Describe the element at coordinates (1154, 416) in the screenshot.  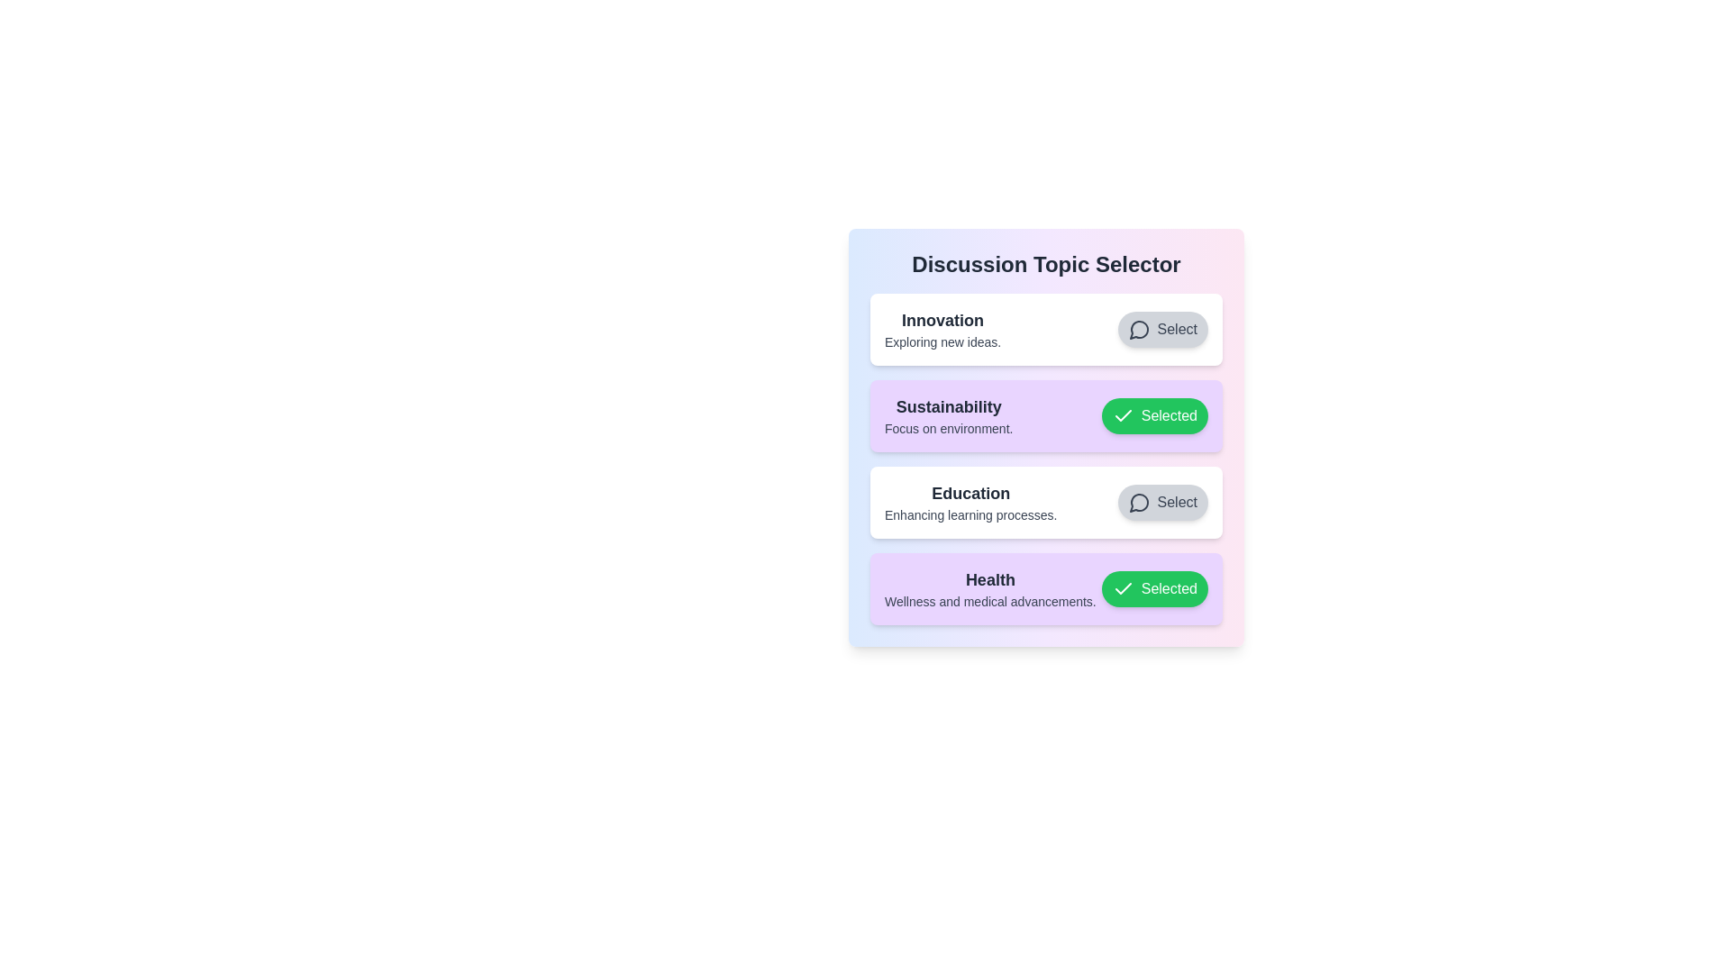
I see `the topic Sustainability` at that location.